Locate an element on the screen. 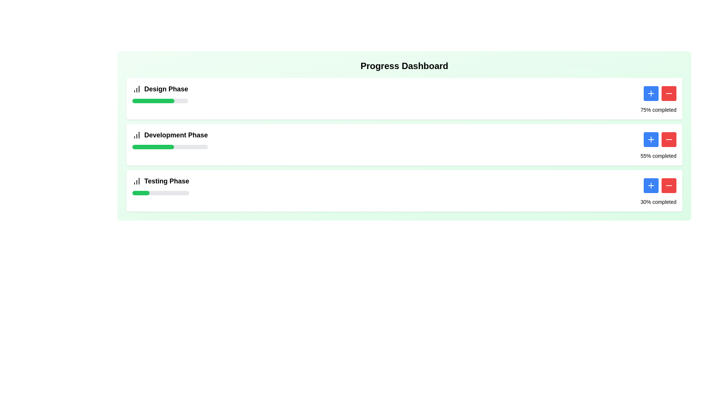 This screenshot has width=714, height=401. the label that represents the first stage in a sequence of phases, positioned at the top left of the first group above a progress bar is located at coordinates (160, 88).